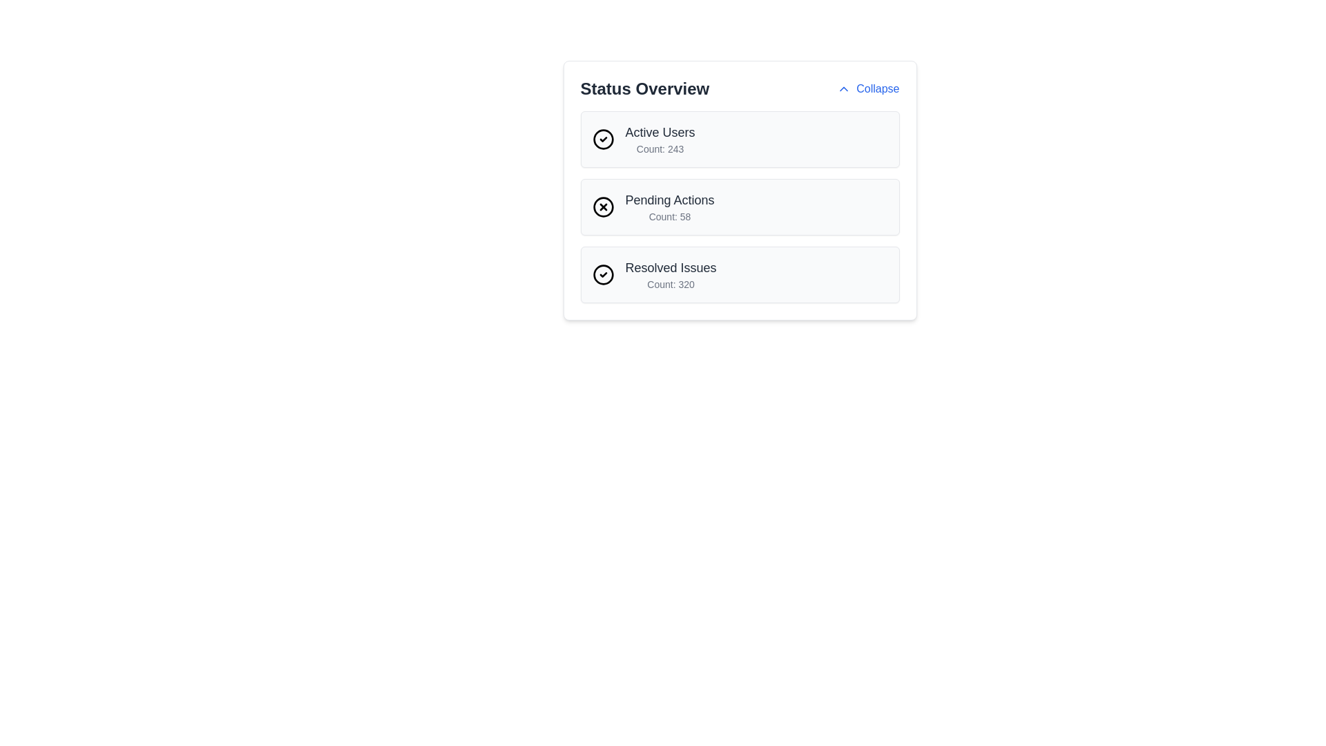 This screenshot has width=1326, height=746. Describe the element at coordinates (659, 133) in the screenshot. I see `text from the Text Label located at the upper part of the 'Status Overview' widget, which indicates the type of information displayed below it in a summary format` at that location.